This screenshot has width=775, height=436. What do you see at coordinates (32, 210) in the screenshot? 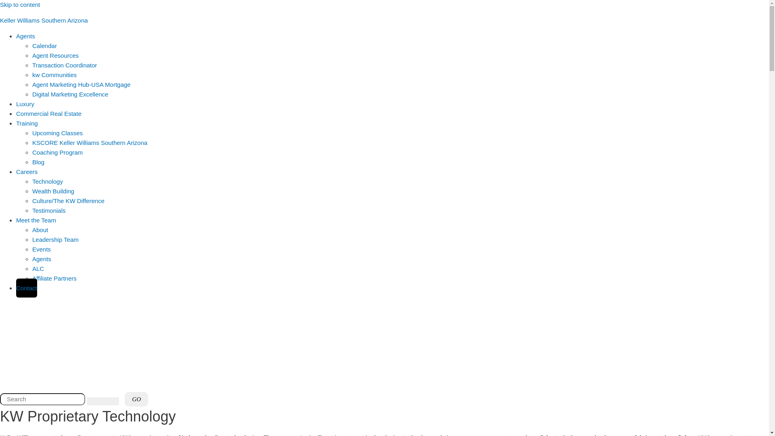
I see `'Testimonials'` at bounding box center [32, 210].